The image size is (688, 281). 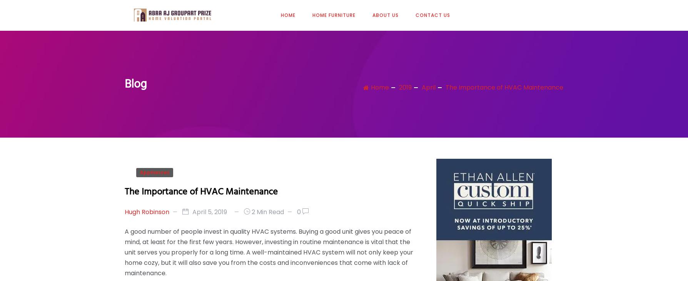 What do you see at coordinates (333, 14) in the screenshot?
I see `'Home Furniture'` at bounding box center [333, 14].